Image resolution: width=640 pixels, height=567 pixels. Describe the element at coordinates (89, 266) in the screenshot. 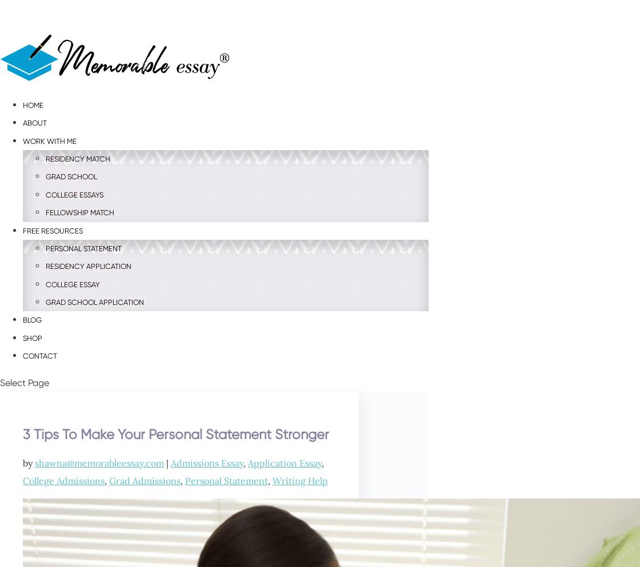

I see `'RESIDENCY APPLICATION'` at that location.